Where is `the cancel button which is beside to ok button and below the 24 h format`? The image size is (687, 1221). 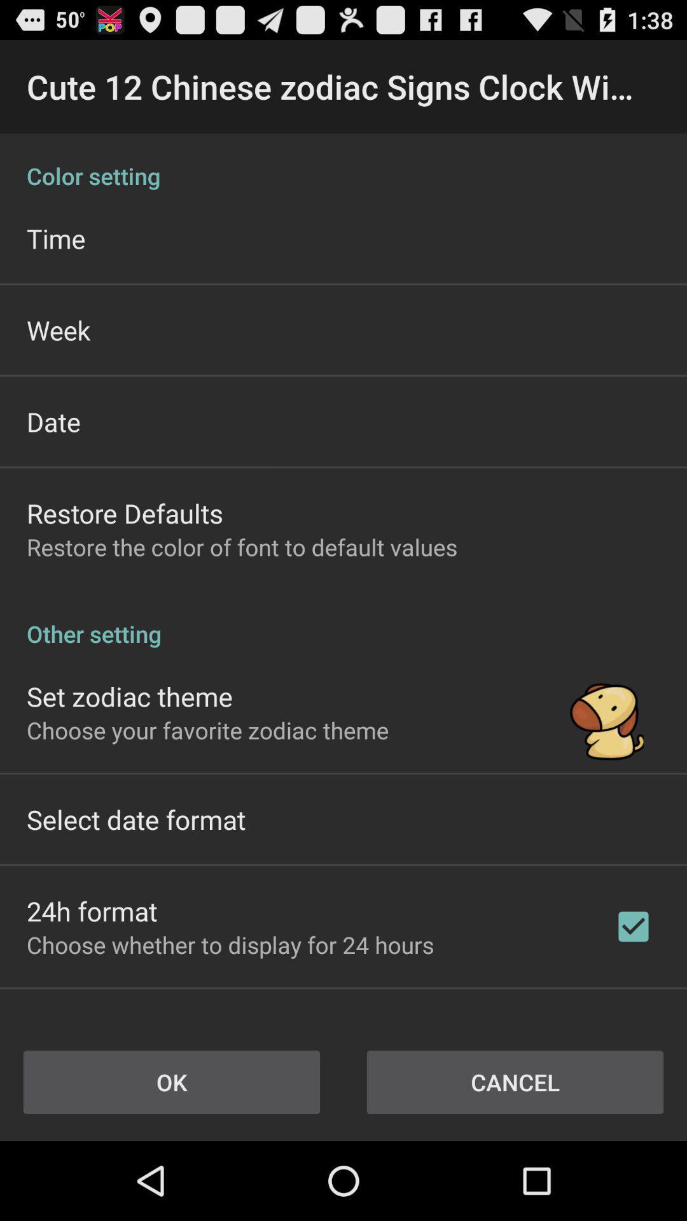 the cancel button which is beside to ok button and below the 24 h format is located at coordinates (515, 1082).